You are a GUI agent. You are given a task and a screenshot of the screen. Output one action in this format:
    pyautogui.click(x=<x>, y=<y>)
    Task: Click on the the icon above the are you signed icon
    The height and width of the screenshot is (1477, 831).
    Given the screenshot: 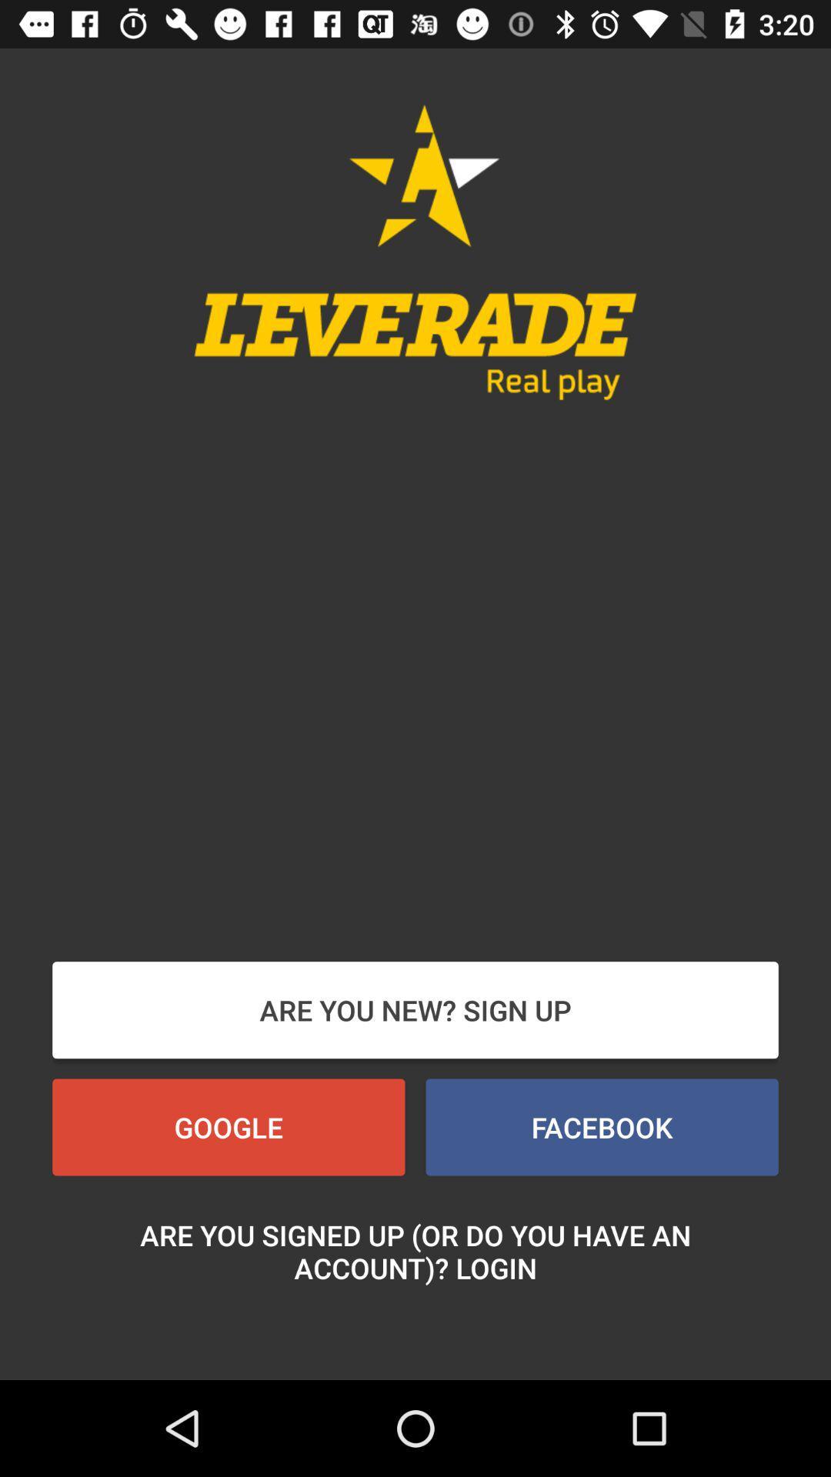 What is the action you would take?
    pyautogui.click(x=601, y=1127)
    